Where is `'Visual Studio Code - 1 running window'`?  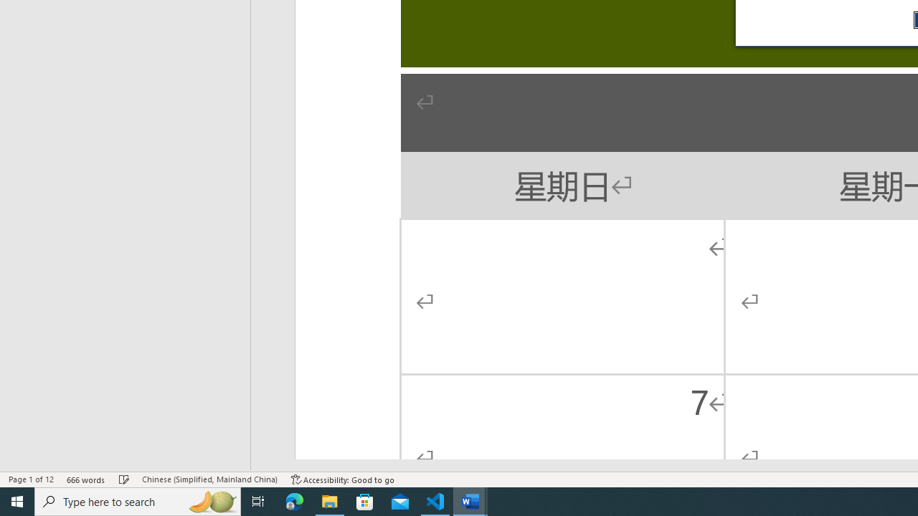 'Visual Studio Code - 1 running window' is located at coordinates (435, 500).